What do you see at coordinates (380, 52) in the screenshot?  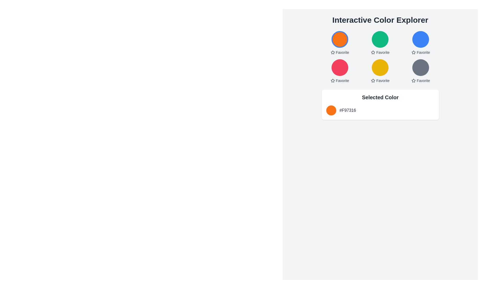 I see `the 'Favorite' button, which is styled in gray and includes a star icon, to mark the associated item as a favorite` at bounding box center [380, 52].